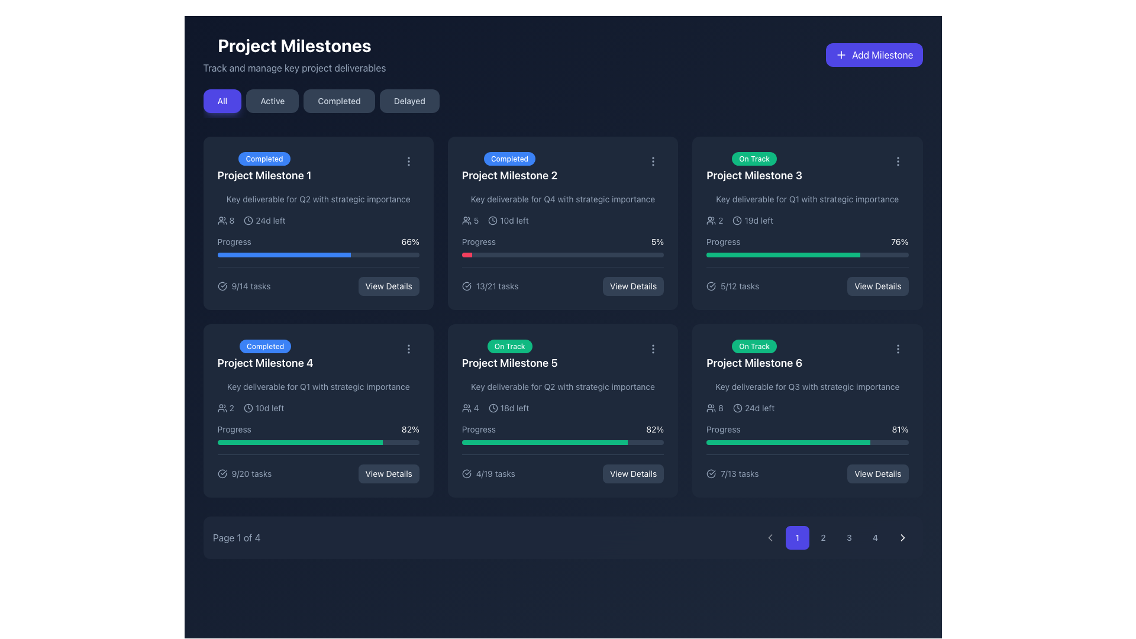 The height and width of the screenshot is (639, 1136). I want to click on the right-pointing chevron icon in the pagination control area, so click(902, 538).